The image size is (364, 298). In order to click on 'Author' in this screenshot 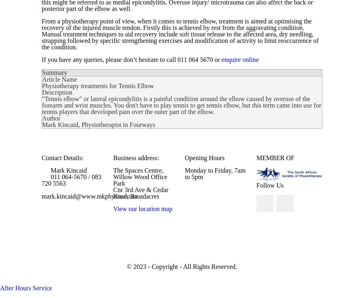, I will do `click(51, 118)`.